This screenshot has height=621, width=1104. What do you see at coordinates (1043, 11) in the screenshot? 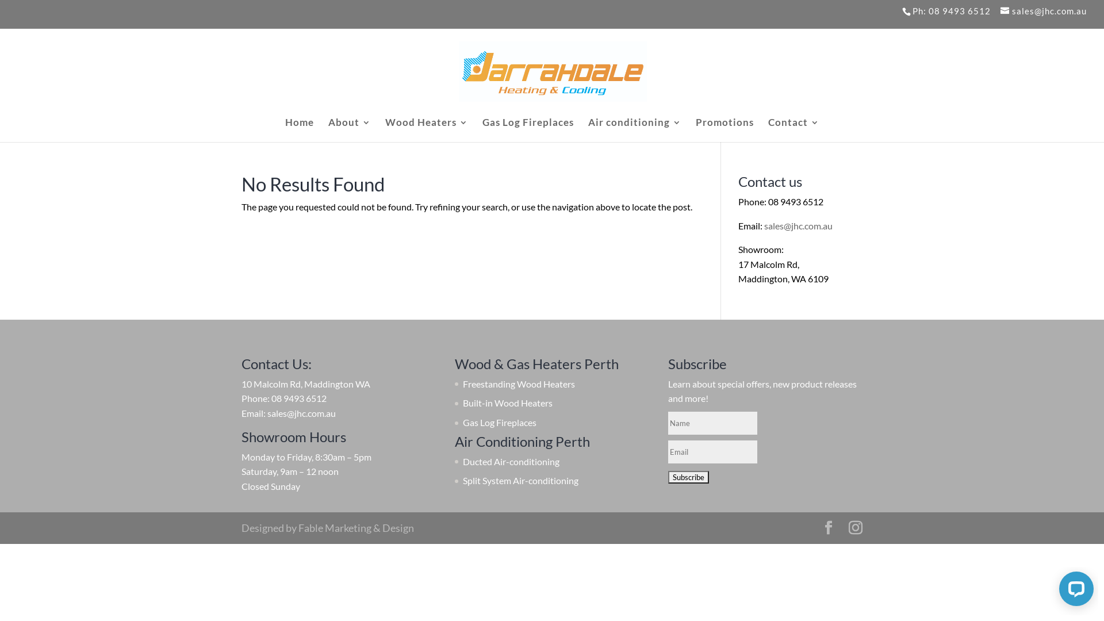
I see `'sales@jhc.com.au'` at bounding box center [1043, 11].